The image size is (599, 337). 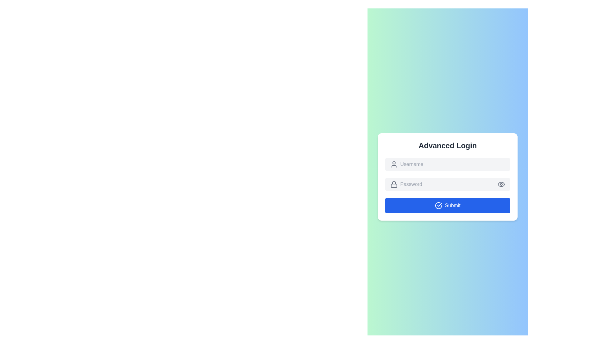 I want to click on circular outline SVG element representing the checkmark icon next to the 'Submit' button, so click(x=438, y=206).